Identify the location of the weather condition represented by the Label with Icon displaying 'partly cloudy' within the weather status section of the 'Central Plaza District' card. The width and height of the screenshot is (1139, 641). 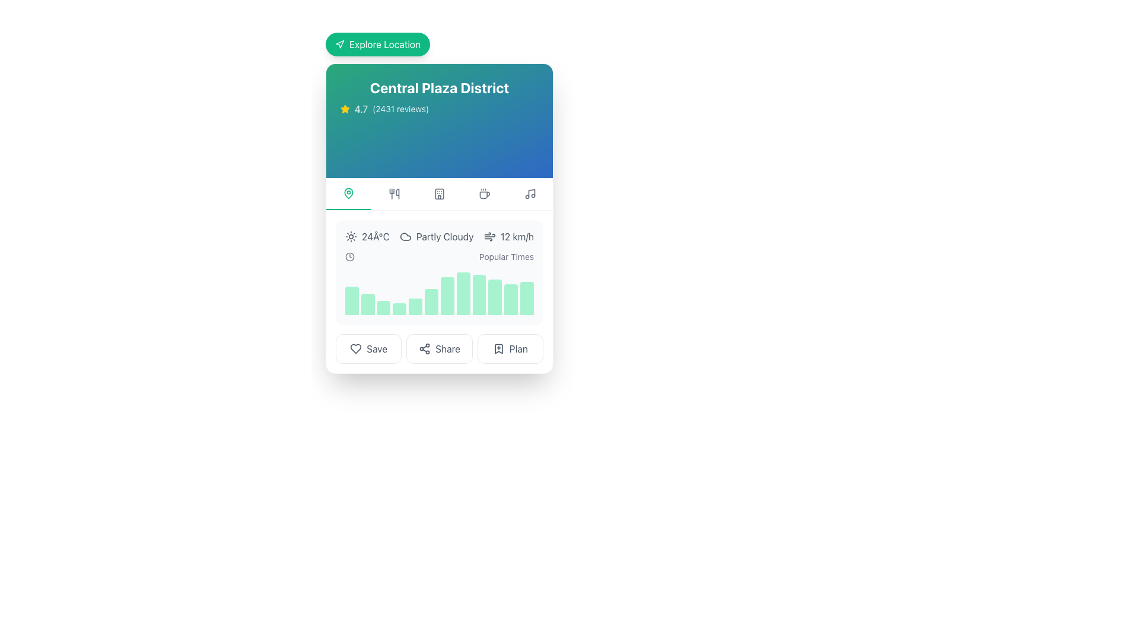
(436, 236).